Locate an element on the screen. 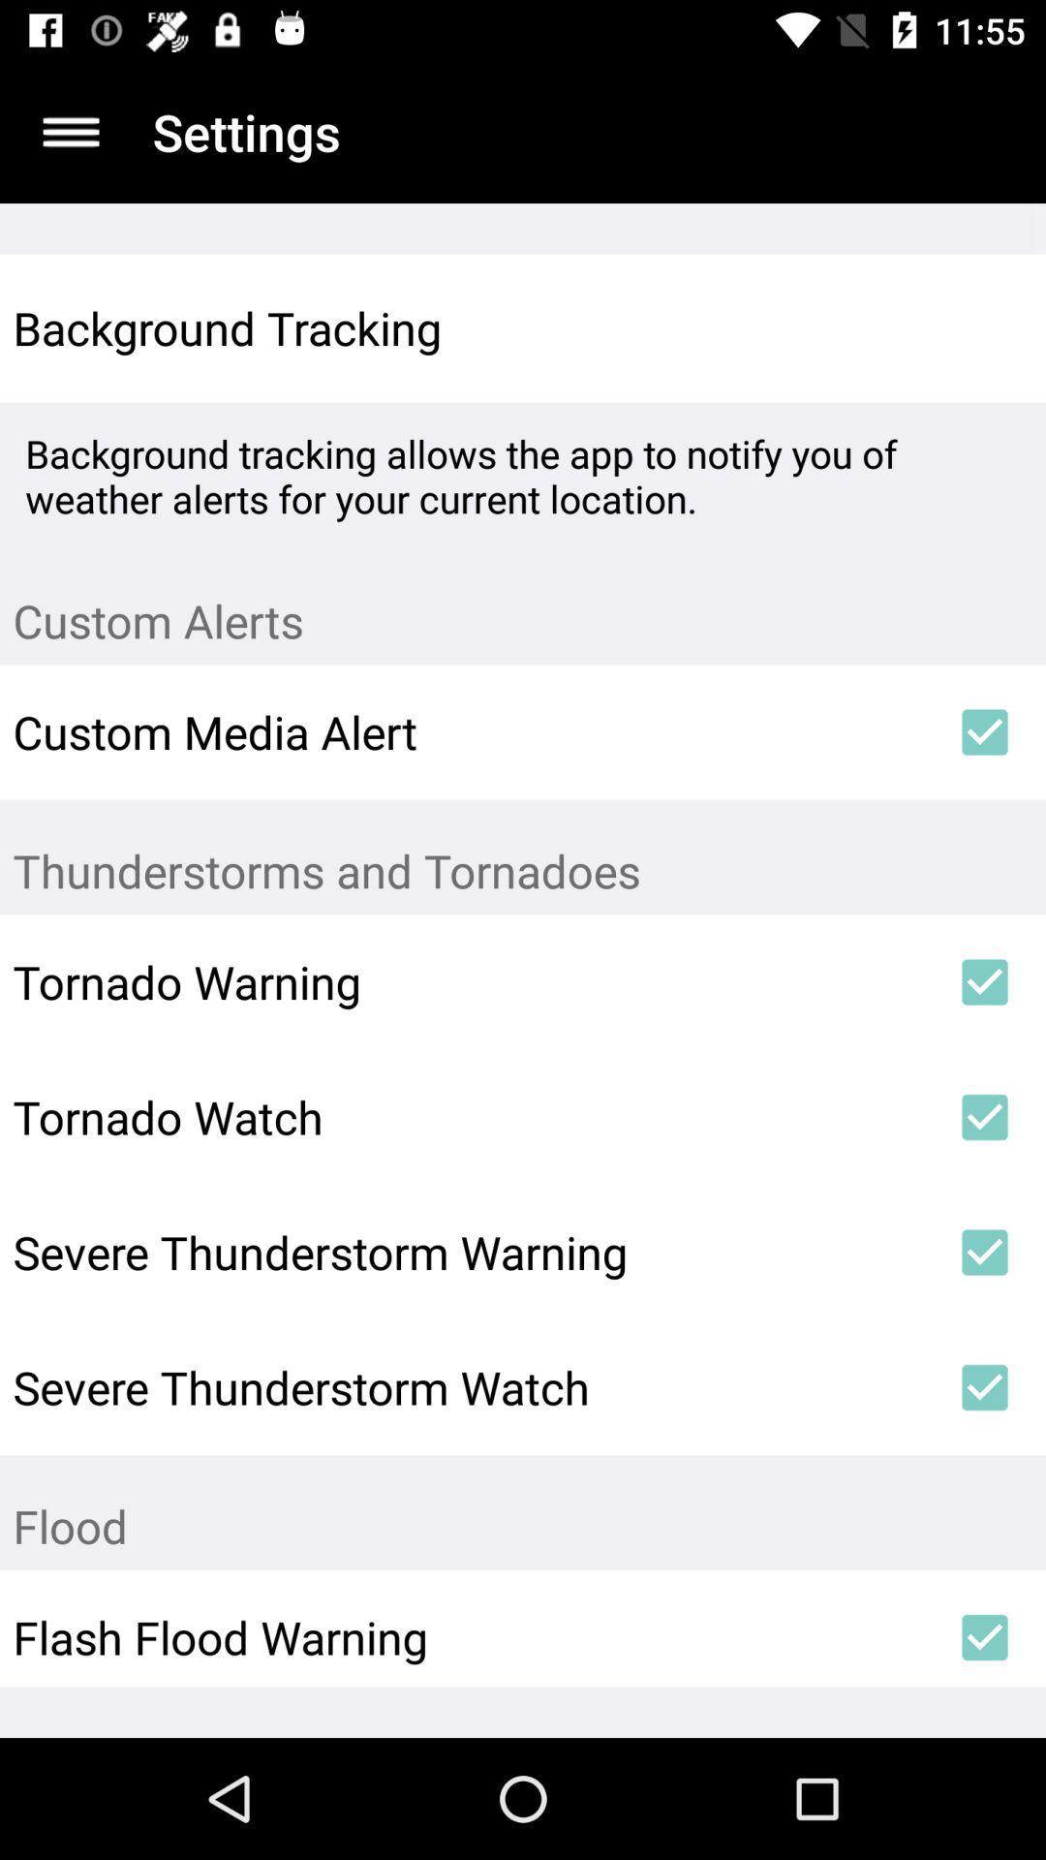  the icon above the flood item is located at coordinates (985, 1386).